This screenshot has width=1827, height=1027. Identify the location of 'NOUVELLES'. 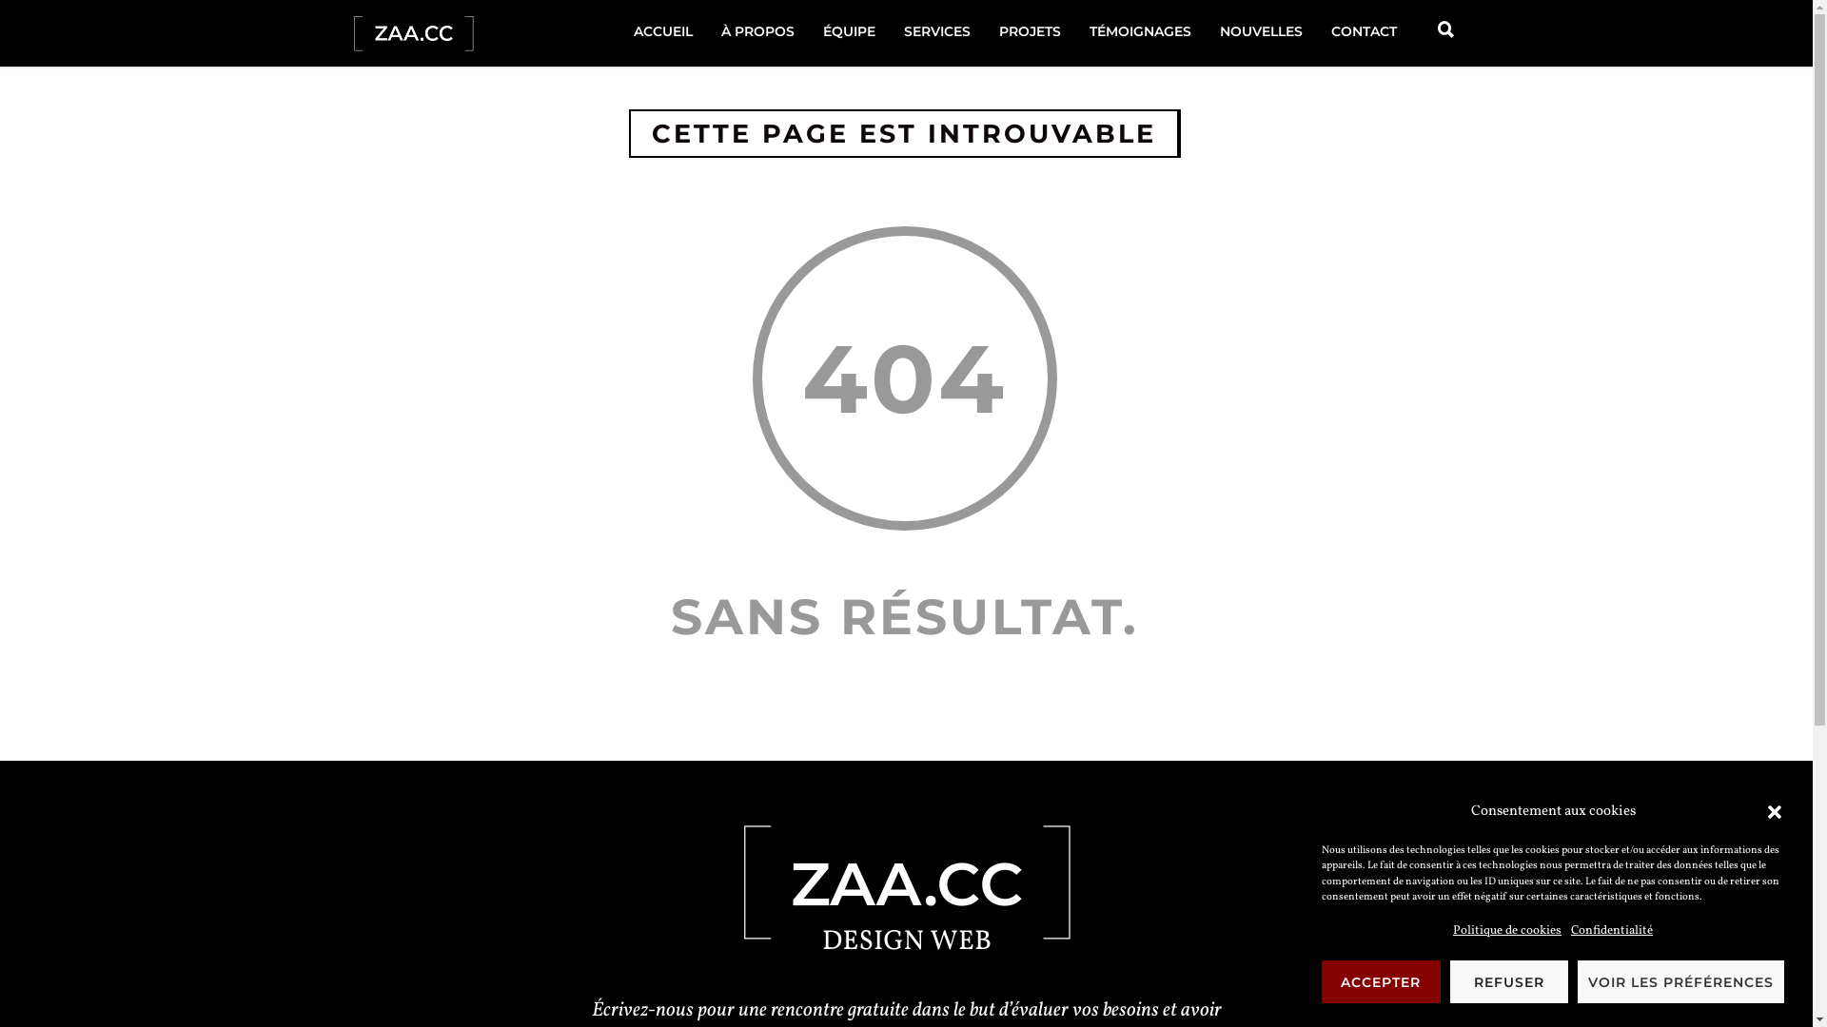
(1204, 31).